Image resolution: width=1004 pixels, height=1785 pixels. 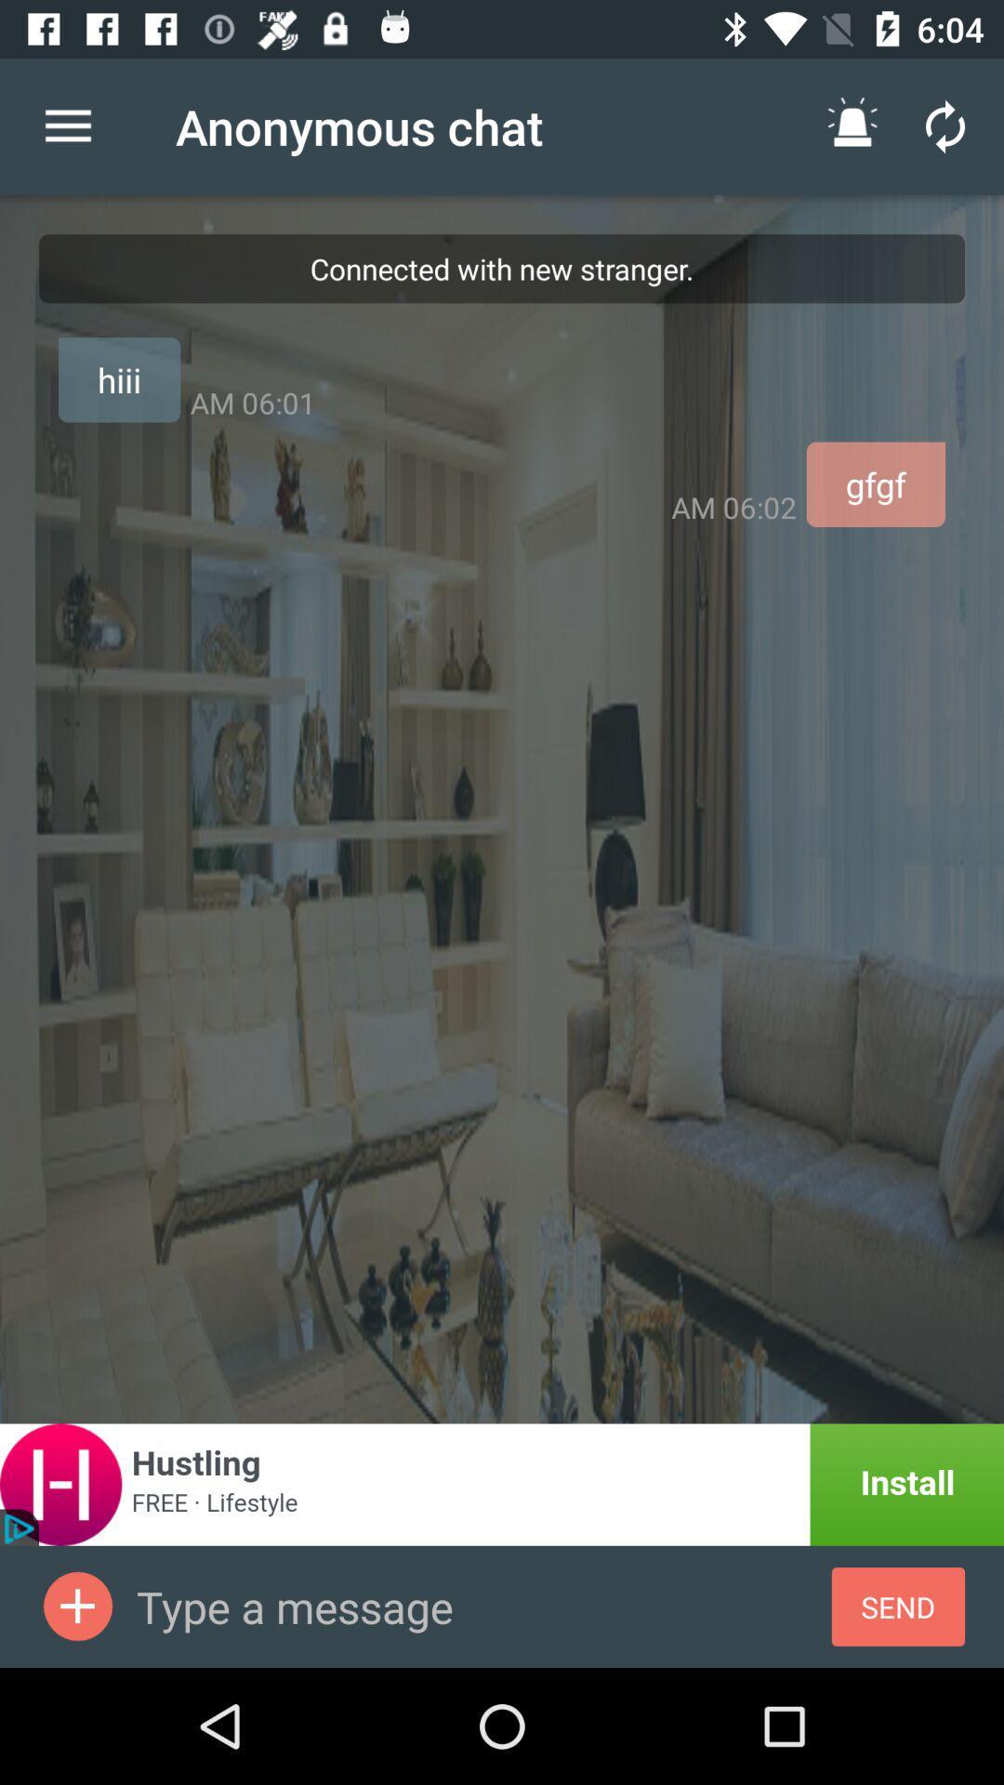 What do you see at coordinates (502, 1484) in the screenshot?
I see `advertisement banner` at bounding box center [502, 1484].